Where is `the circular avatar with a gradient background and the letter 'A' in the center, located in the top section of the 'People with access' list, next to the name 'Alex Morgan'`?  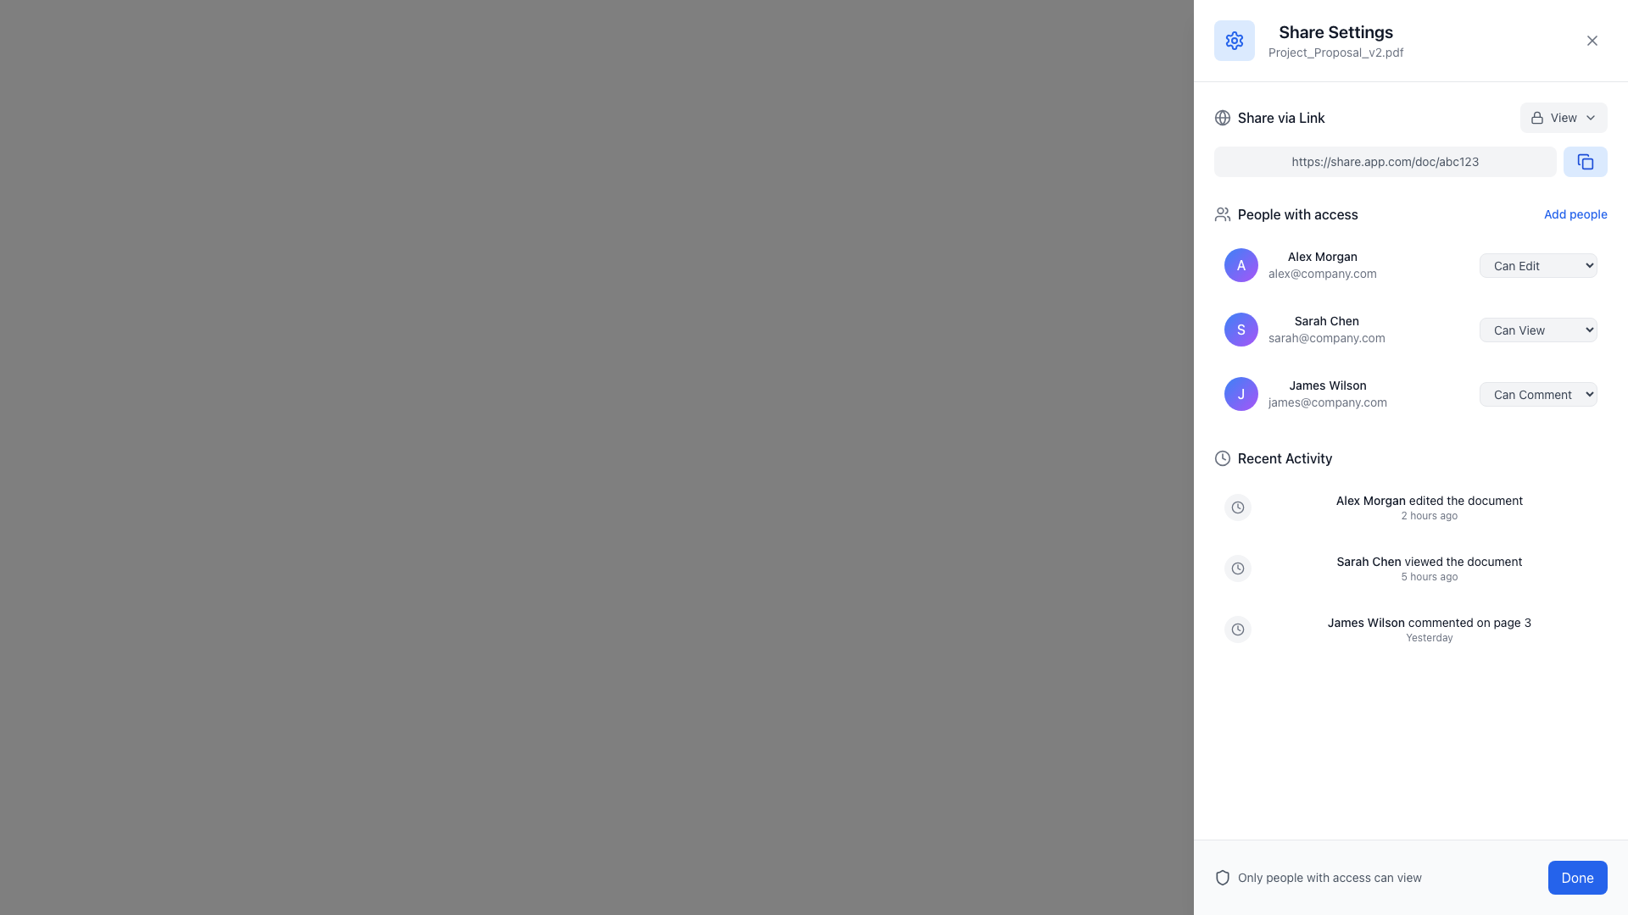
the circular avatar with a gradient background and the letter 'A' in the center, located in the top section of the 'People with access' list, next to the name 'Alex Morgan' is located at coordinates (1241, 264).